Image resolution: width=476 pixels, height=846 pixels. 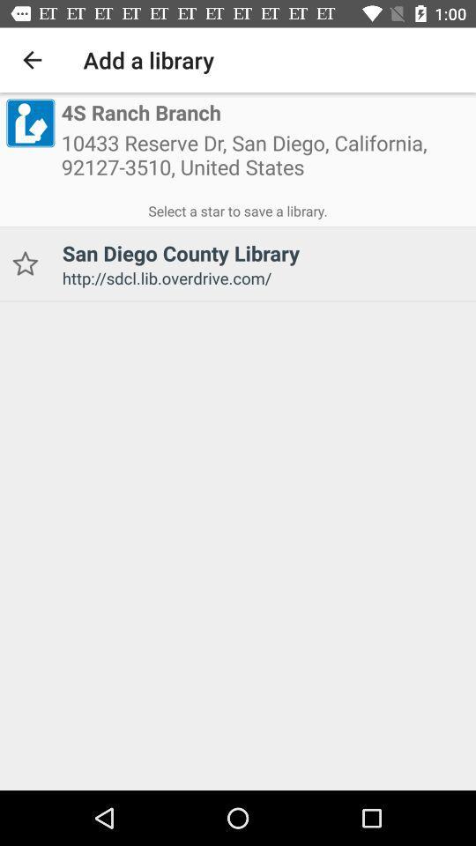 What do you see at coordinates (238, 208) in the screenshot?
I see `item below the 10433 reserve dr item` at bounding box center [238, 208].